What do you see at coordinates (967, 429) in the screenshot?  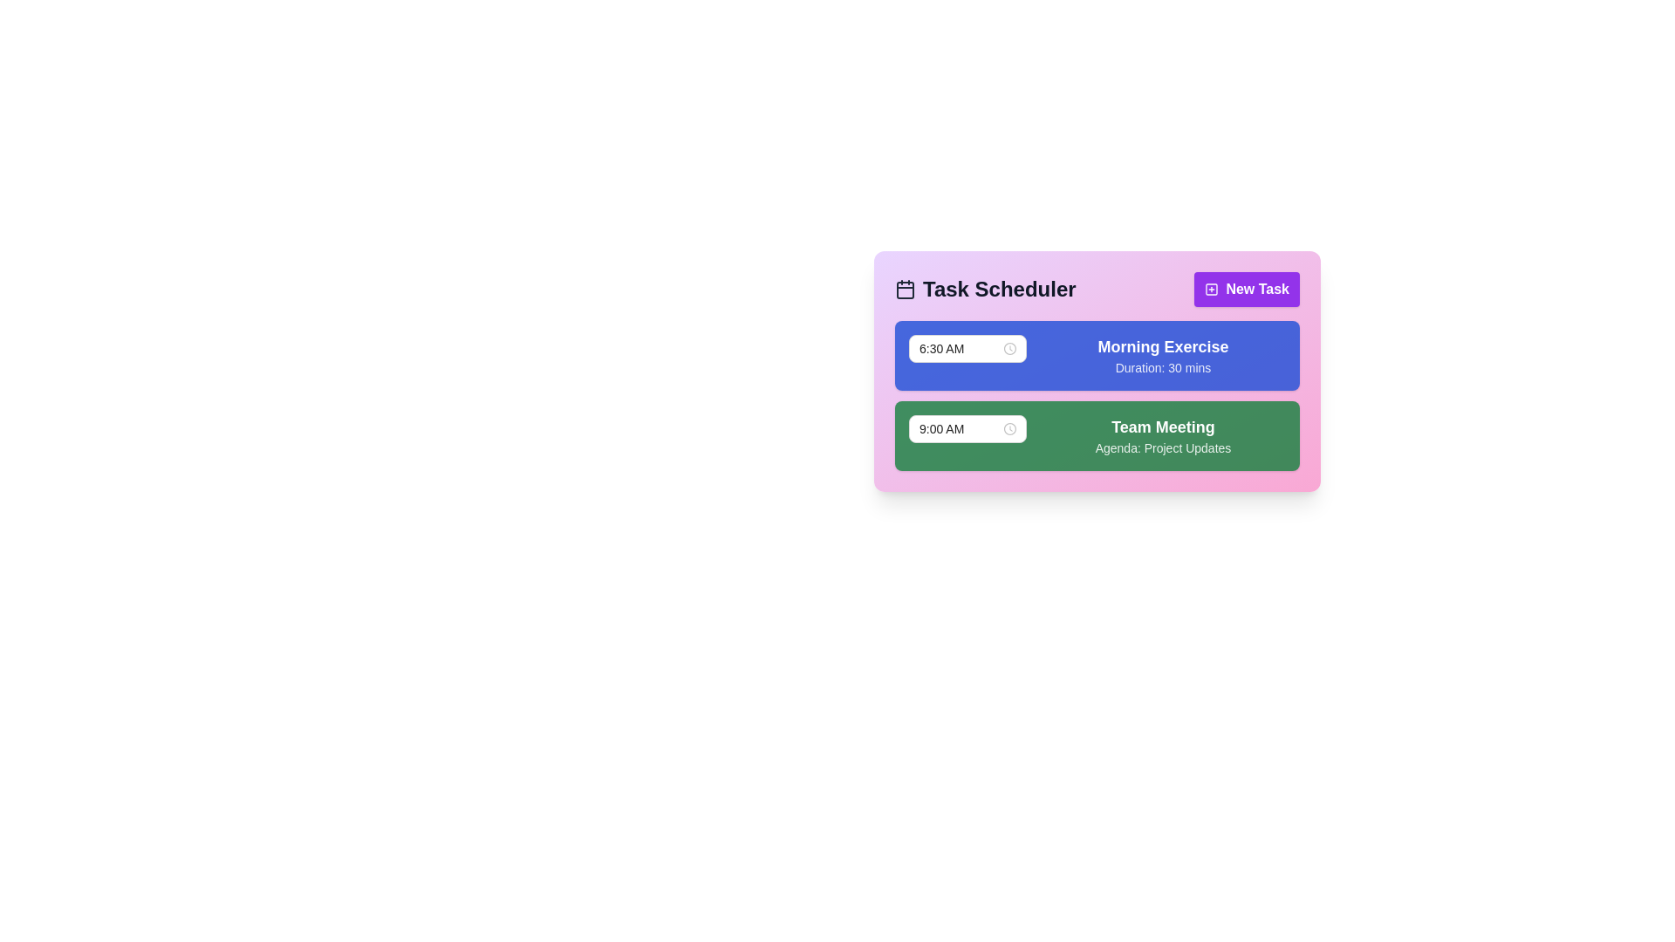 I see `the second time input field displaying '9:00 AM' in the 'Team Meeting' section` at bounding box center [967, 429].